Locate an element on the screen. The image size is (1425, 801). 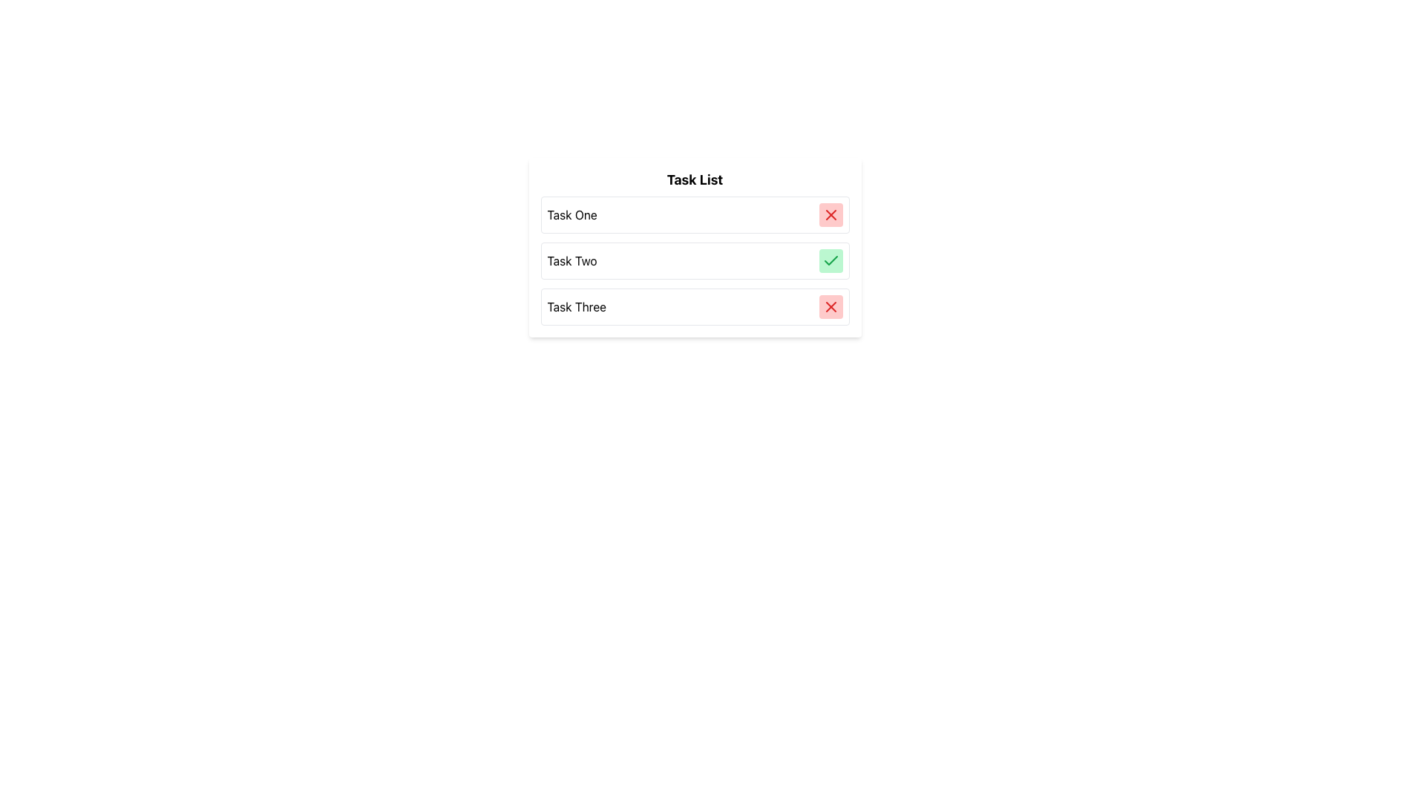
the green check button of the second task item in the task list to mark it as completed is located at coordinates (694, 260).